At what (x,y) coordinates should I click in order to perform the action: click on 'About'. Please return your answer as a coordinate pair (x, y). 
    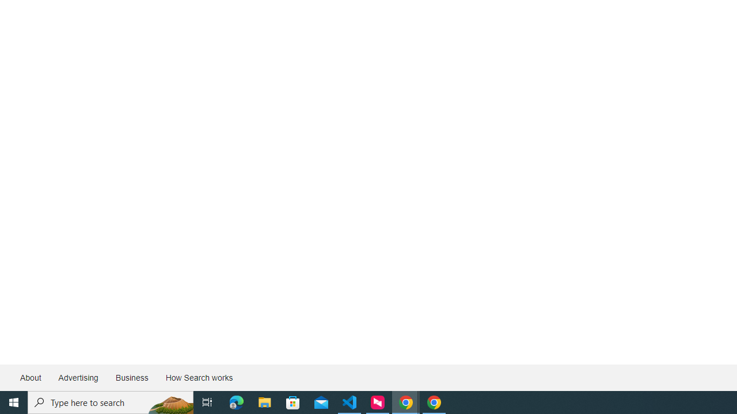
    Looking at the image, I should click on (31, 378).